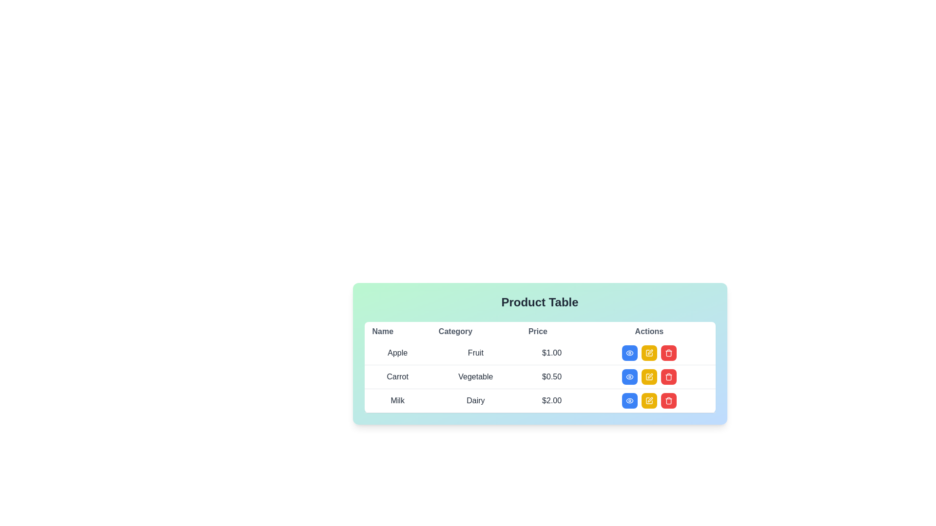  Describe the element at coordinates (629, 400) in the screenshot. I see `the IconButton` at that location.